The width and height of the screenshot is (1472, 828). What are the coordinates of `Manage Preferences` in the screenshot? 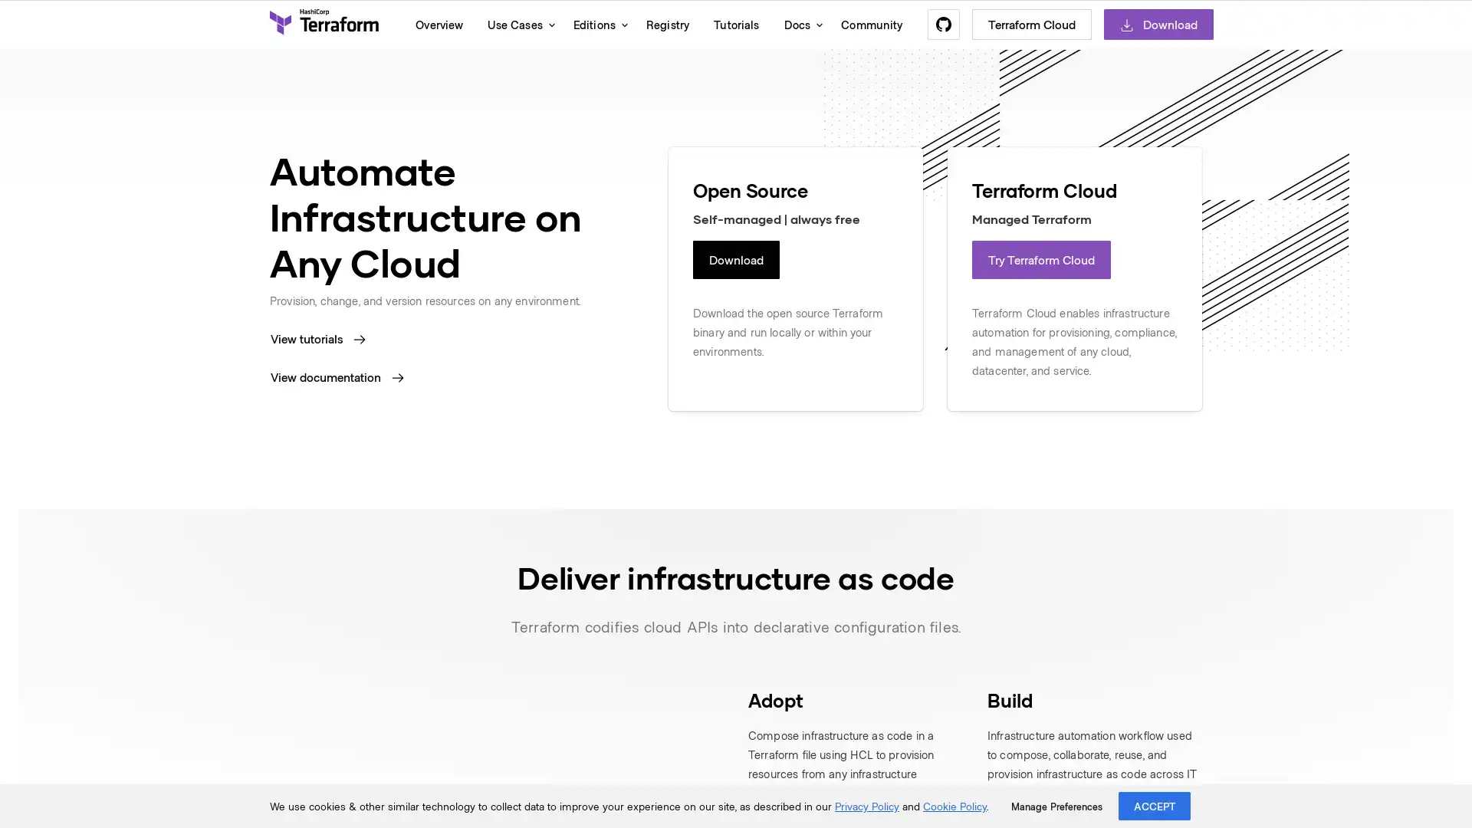 It's located at (1056, 806).